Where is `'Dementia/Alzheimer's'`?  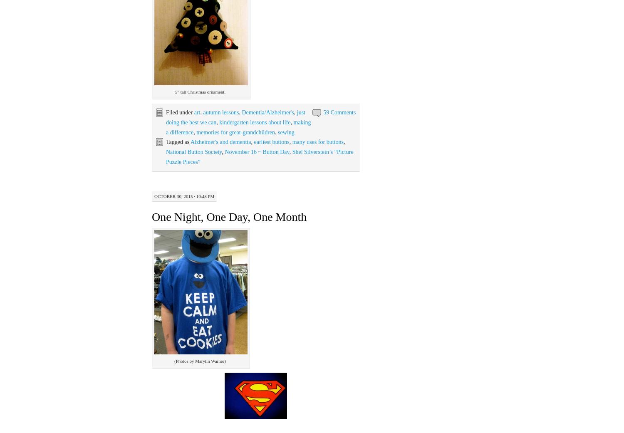
'Dementia/Alzheimer's' is located at coordinates (267, 112).